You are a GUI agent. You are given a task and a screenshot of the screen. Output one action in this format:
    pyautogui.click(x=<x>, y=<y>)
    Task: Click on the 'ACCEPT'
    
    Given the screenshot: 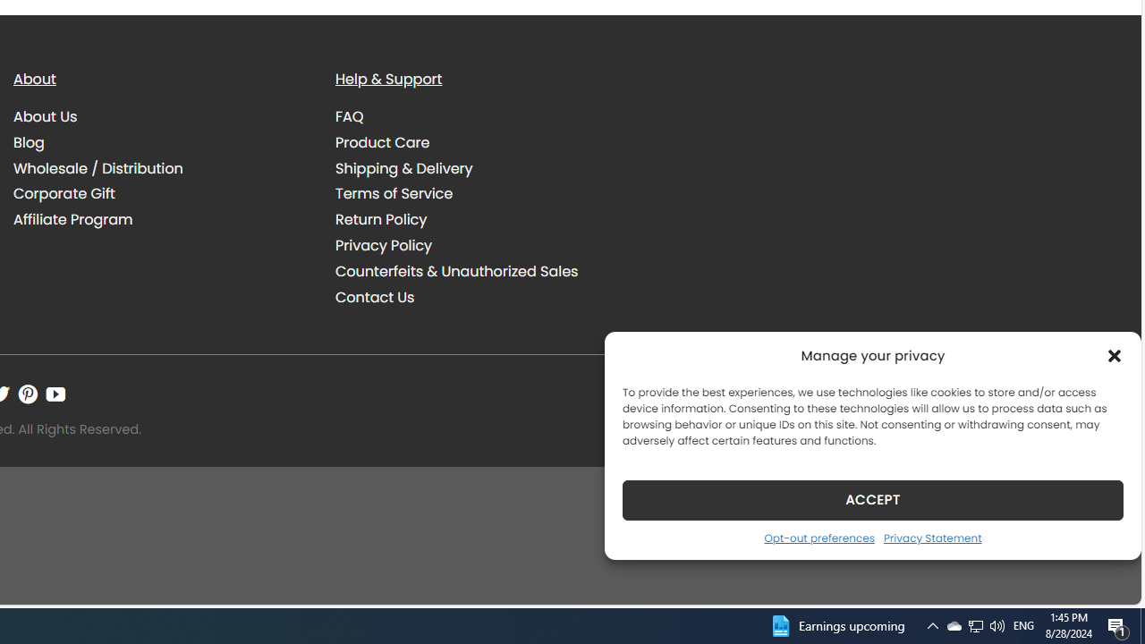 What is the action you would take?
    pyautogui.click(x=873, y=499)
    